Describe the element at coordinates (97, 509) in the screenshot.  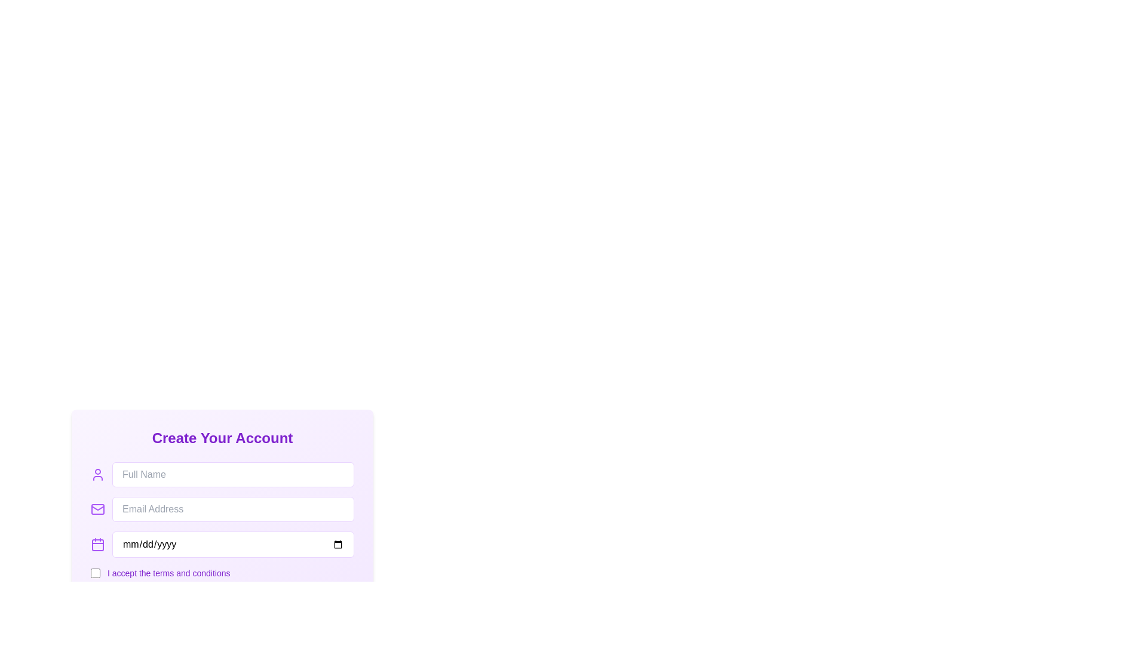
I see `the purple outlined envelope icon located at the beginning of the second row containing the email input field` at that location.